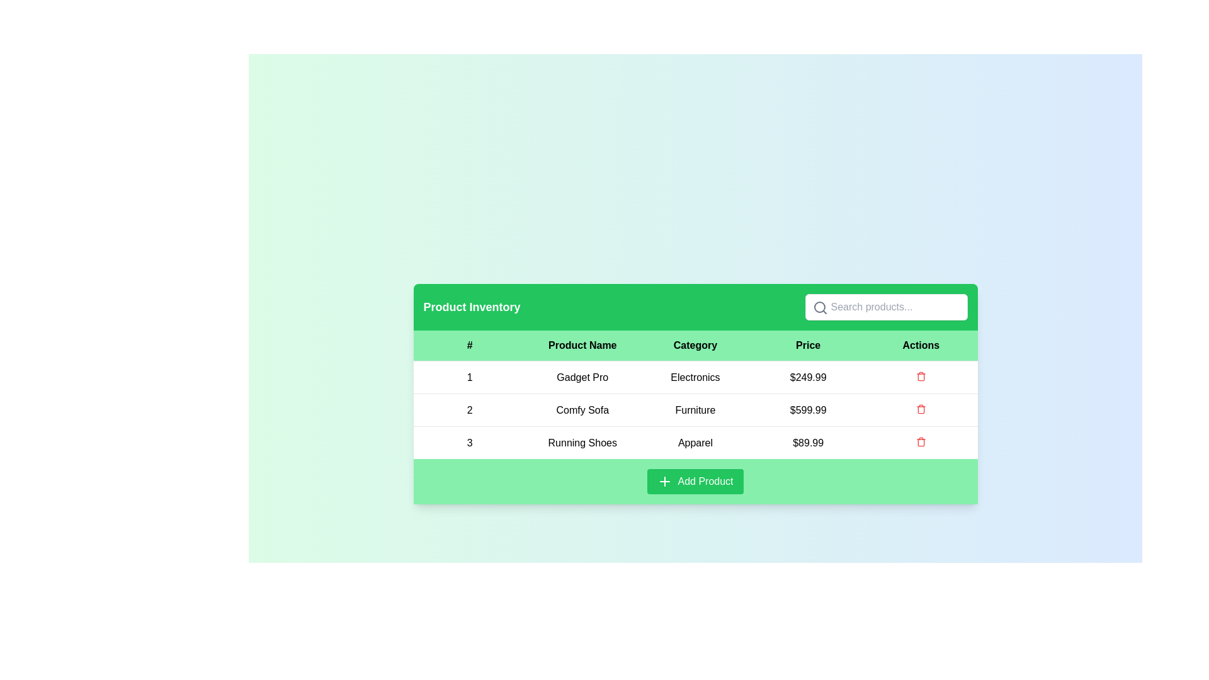 The height and width of the screenshot is (680, 1209). What do you see at coordinates (808, 346) in the screenshot?
I see `text from the 'Price' label in the header row of the table, which is the 4th cell from the left and has a bold black font on a light green background` at bounding box center [808, 346].